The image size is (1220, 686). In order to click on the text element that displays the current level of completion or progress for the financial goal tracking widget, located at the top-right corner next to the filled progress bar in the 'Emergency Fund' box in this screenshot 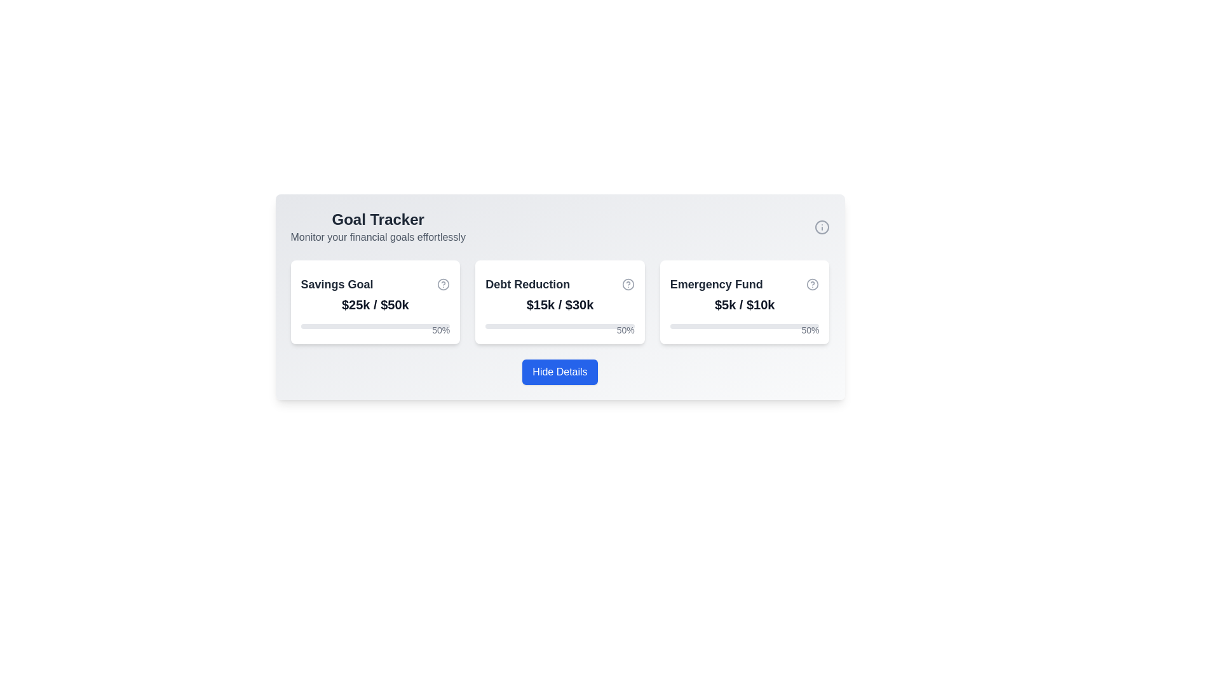, I will do `click(810, 330)`.